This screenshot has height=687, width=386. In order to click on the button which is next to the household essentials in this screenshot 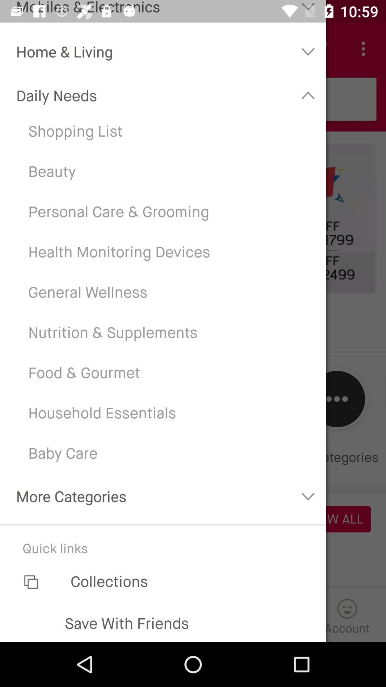, I will do `click(337, 399)`.